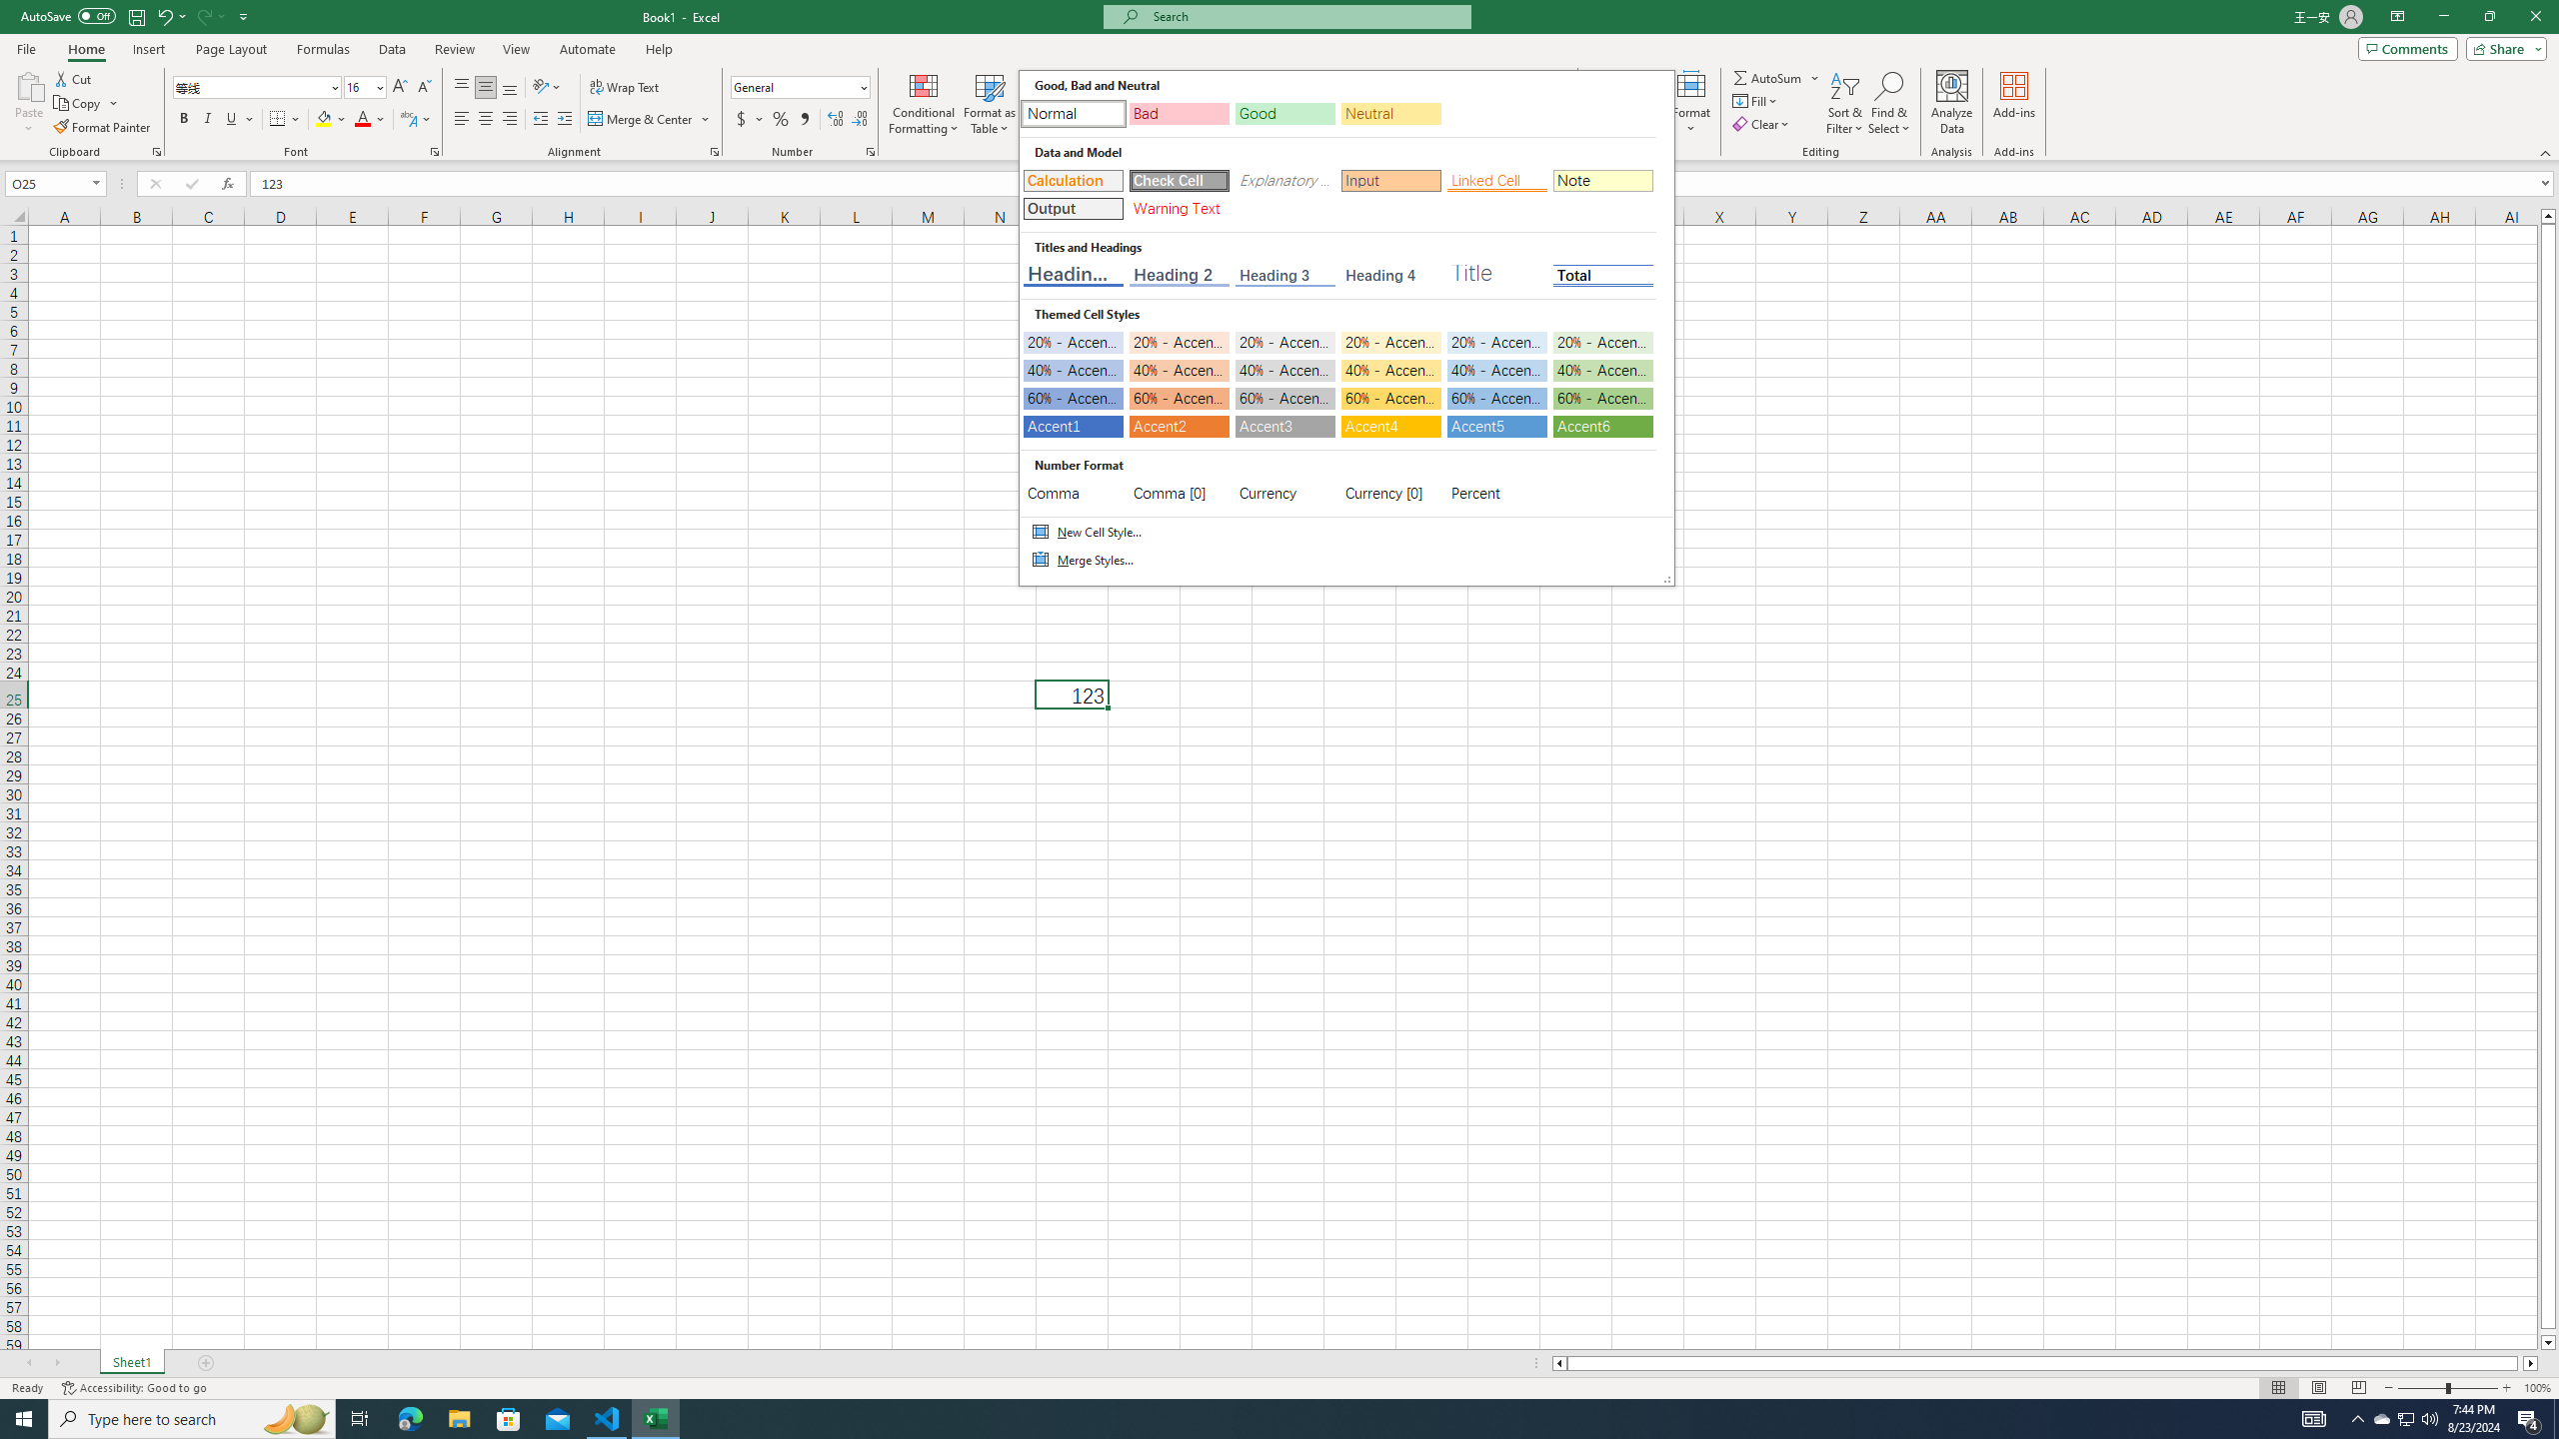  What do you see at coordinates (73, 78) in the screenshot?
I see `'Cut'` at bounding box center [73, 78].